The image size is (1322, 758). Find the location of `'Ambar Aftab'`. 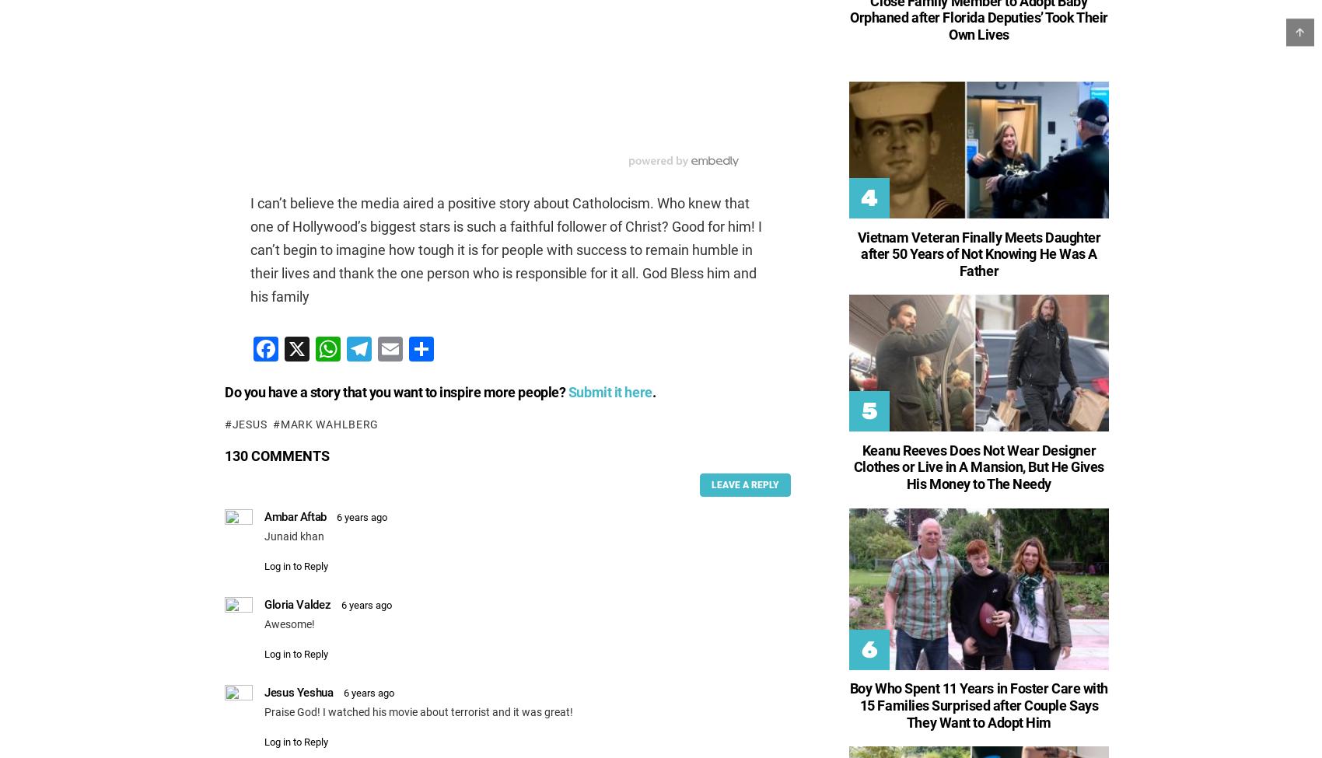

'Ambar Aftab' is located at coordinates (294, 517).